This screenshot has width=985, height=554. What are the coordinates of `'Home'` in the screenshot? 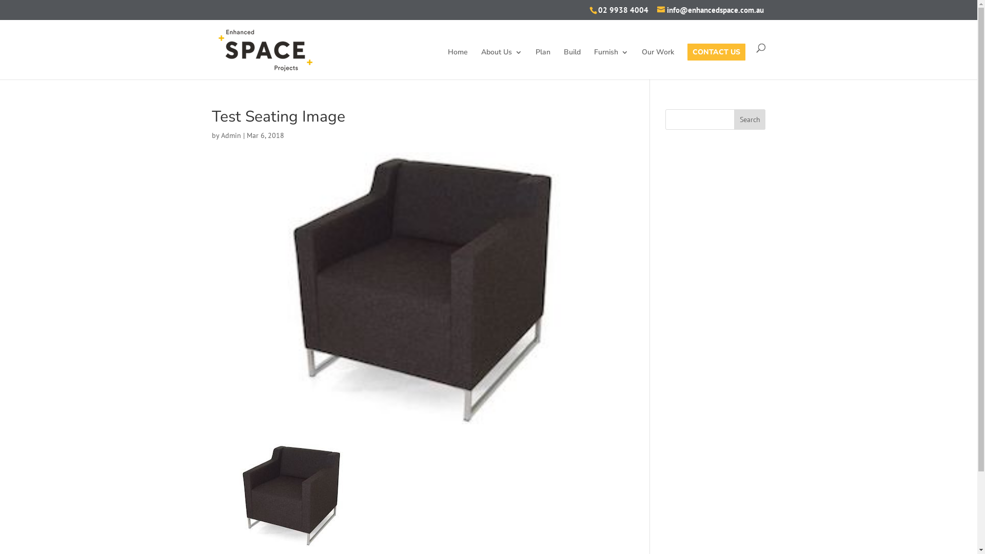 It's located at (457, 63).